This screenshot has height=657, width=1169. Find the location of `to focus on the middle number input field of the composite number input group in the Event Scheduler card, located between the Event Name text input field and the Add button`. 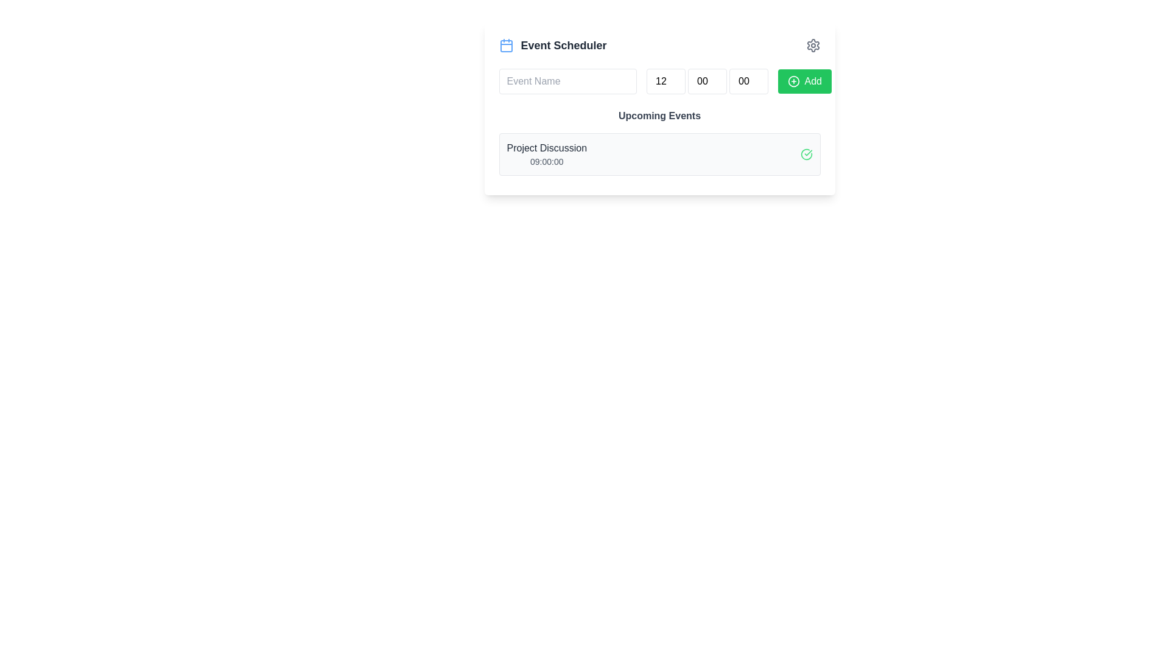

to focus on the middle number input field of the composite number input group in the Event Scheduler card, located between the Event Name text input field and the Add button is located at coordinates (707, 82).